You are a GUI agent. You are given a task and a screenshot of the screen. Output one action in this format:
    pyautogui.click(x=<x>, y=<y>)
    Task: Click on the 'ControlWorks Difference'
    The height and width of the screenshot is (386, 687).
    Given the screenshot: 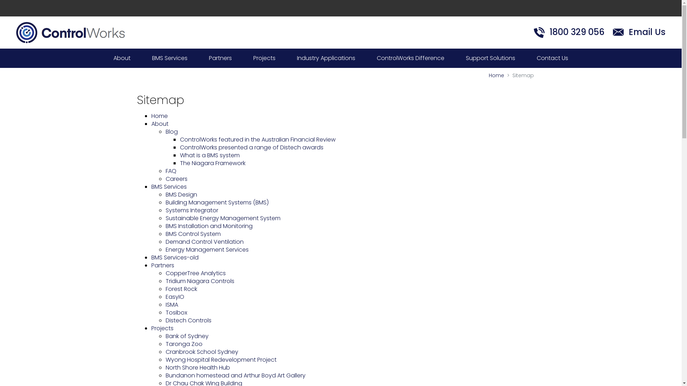 What is the action you would take?
    pyautogui.click(x=366, y=58)
    